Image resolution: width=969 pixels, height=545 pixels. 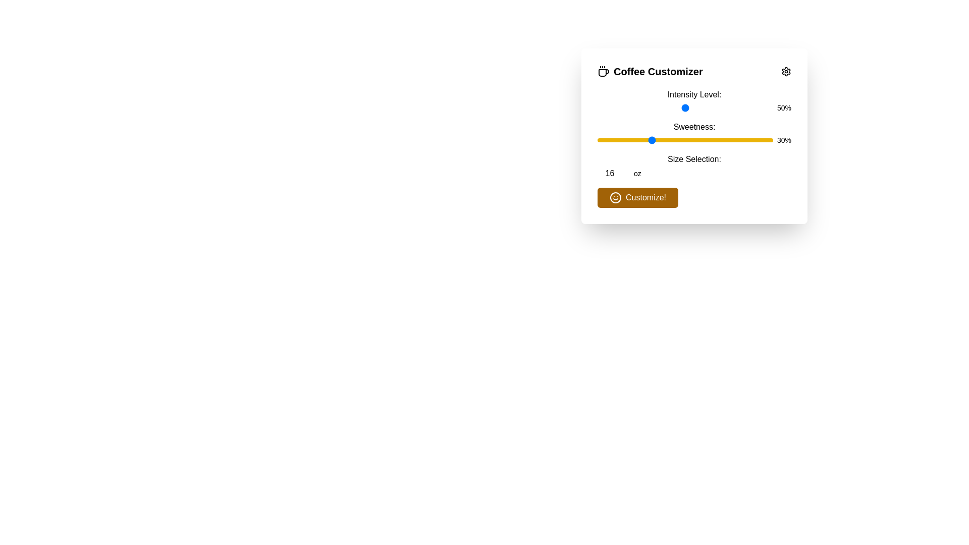 I want to click on the Sweetness slider to 18%, so click(x=628, y=140).